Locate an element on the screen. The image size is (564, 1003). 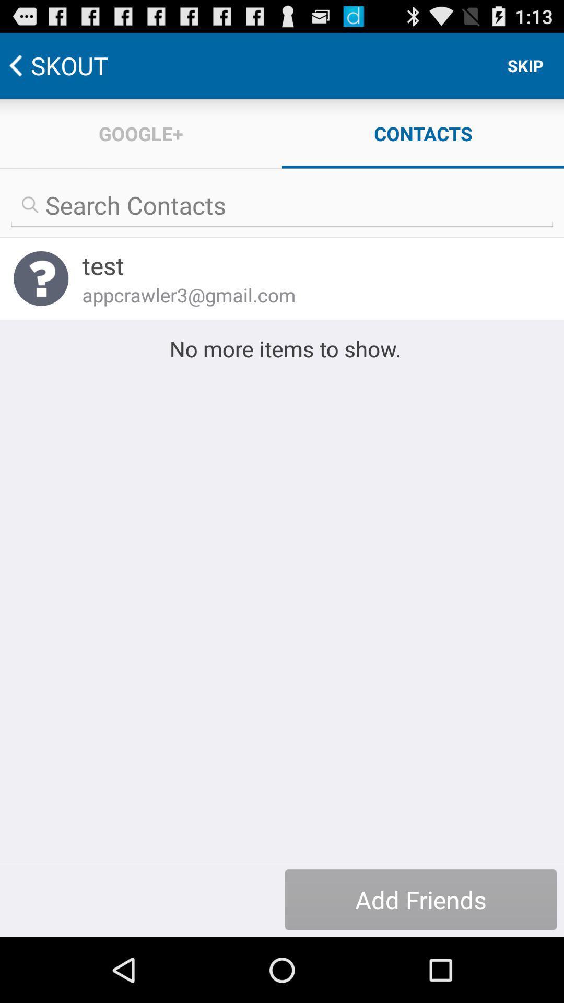
skip icon is located at coordinates (525, 65).